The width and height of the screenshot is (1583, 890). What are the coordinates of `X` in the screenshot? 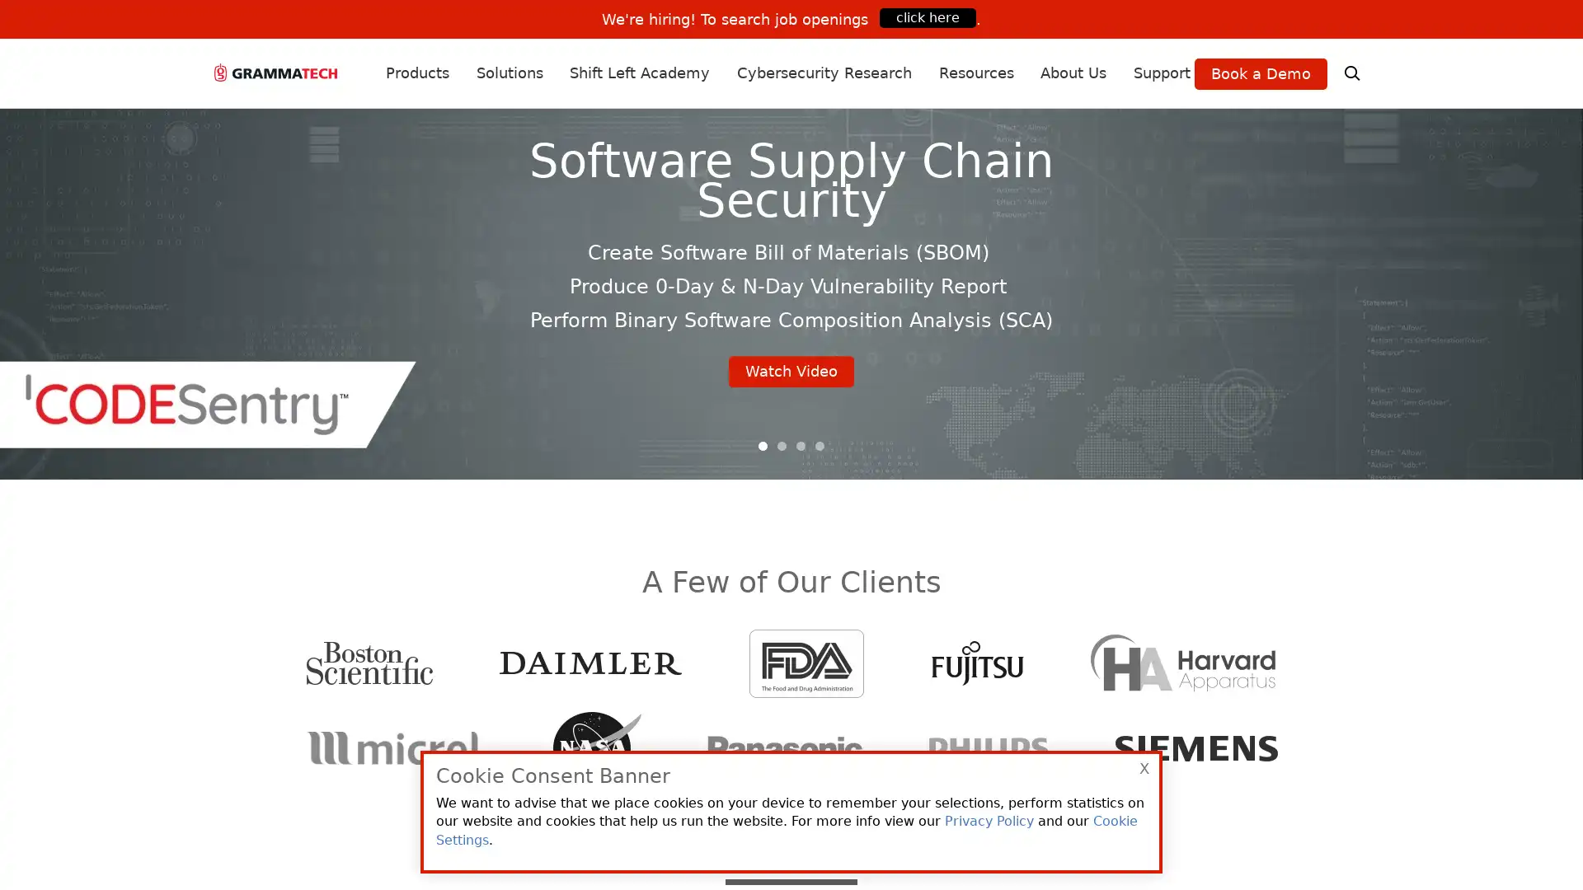 It's located at (1143, 767).